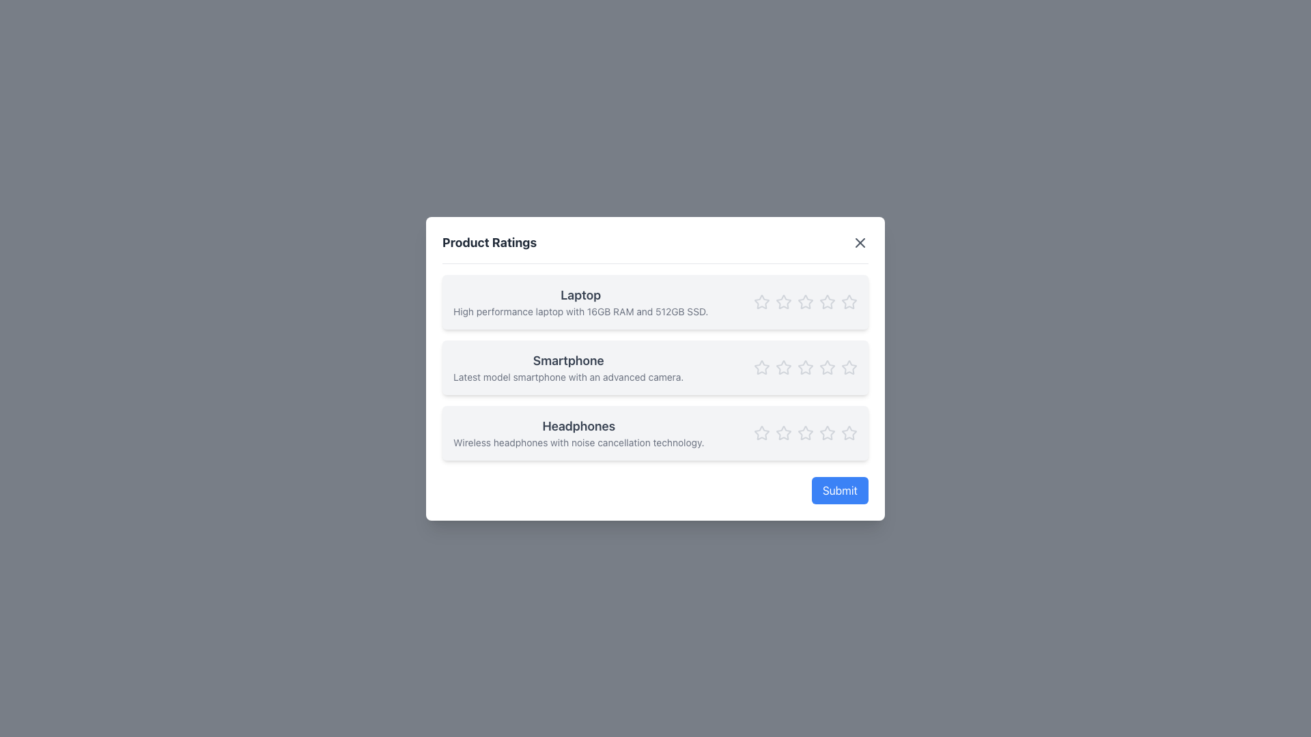 The height and width of the screenshot is (737, 1311). What do you see at coordinates (806, 433) in the screenshot?
I see `the third star in a horizontal group of five stars, located below the 'Headphones' description` at bounding box center [806, 433].